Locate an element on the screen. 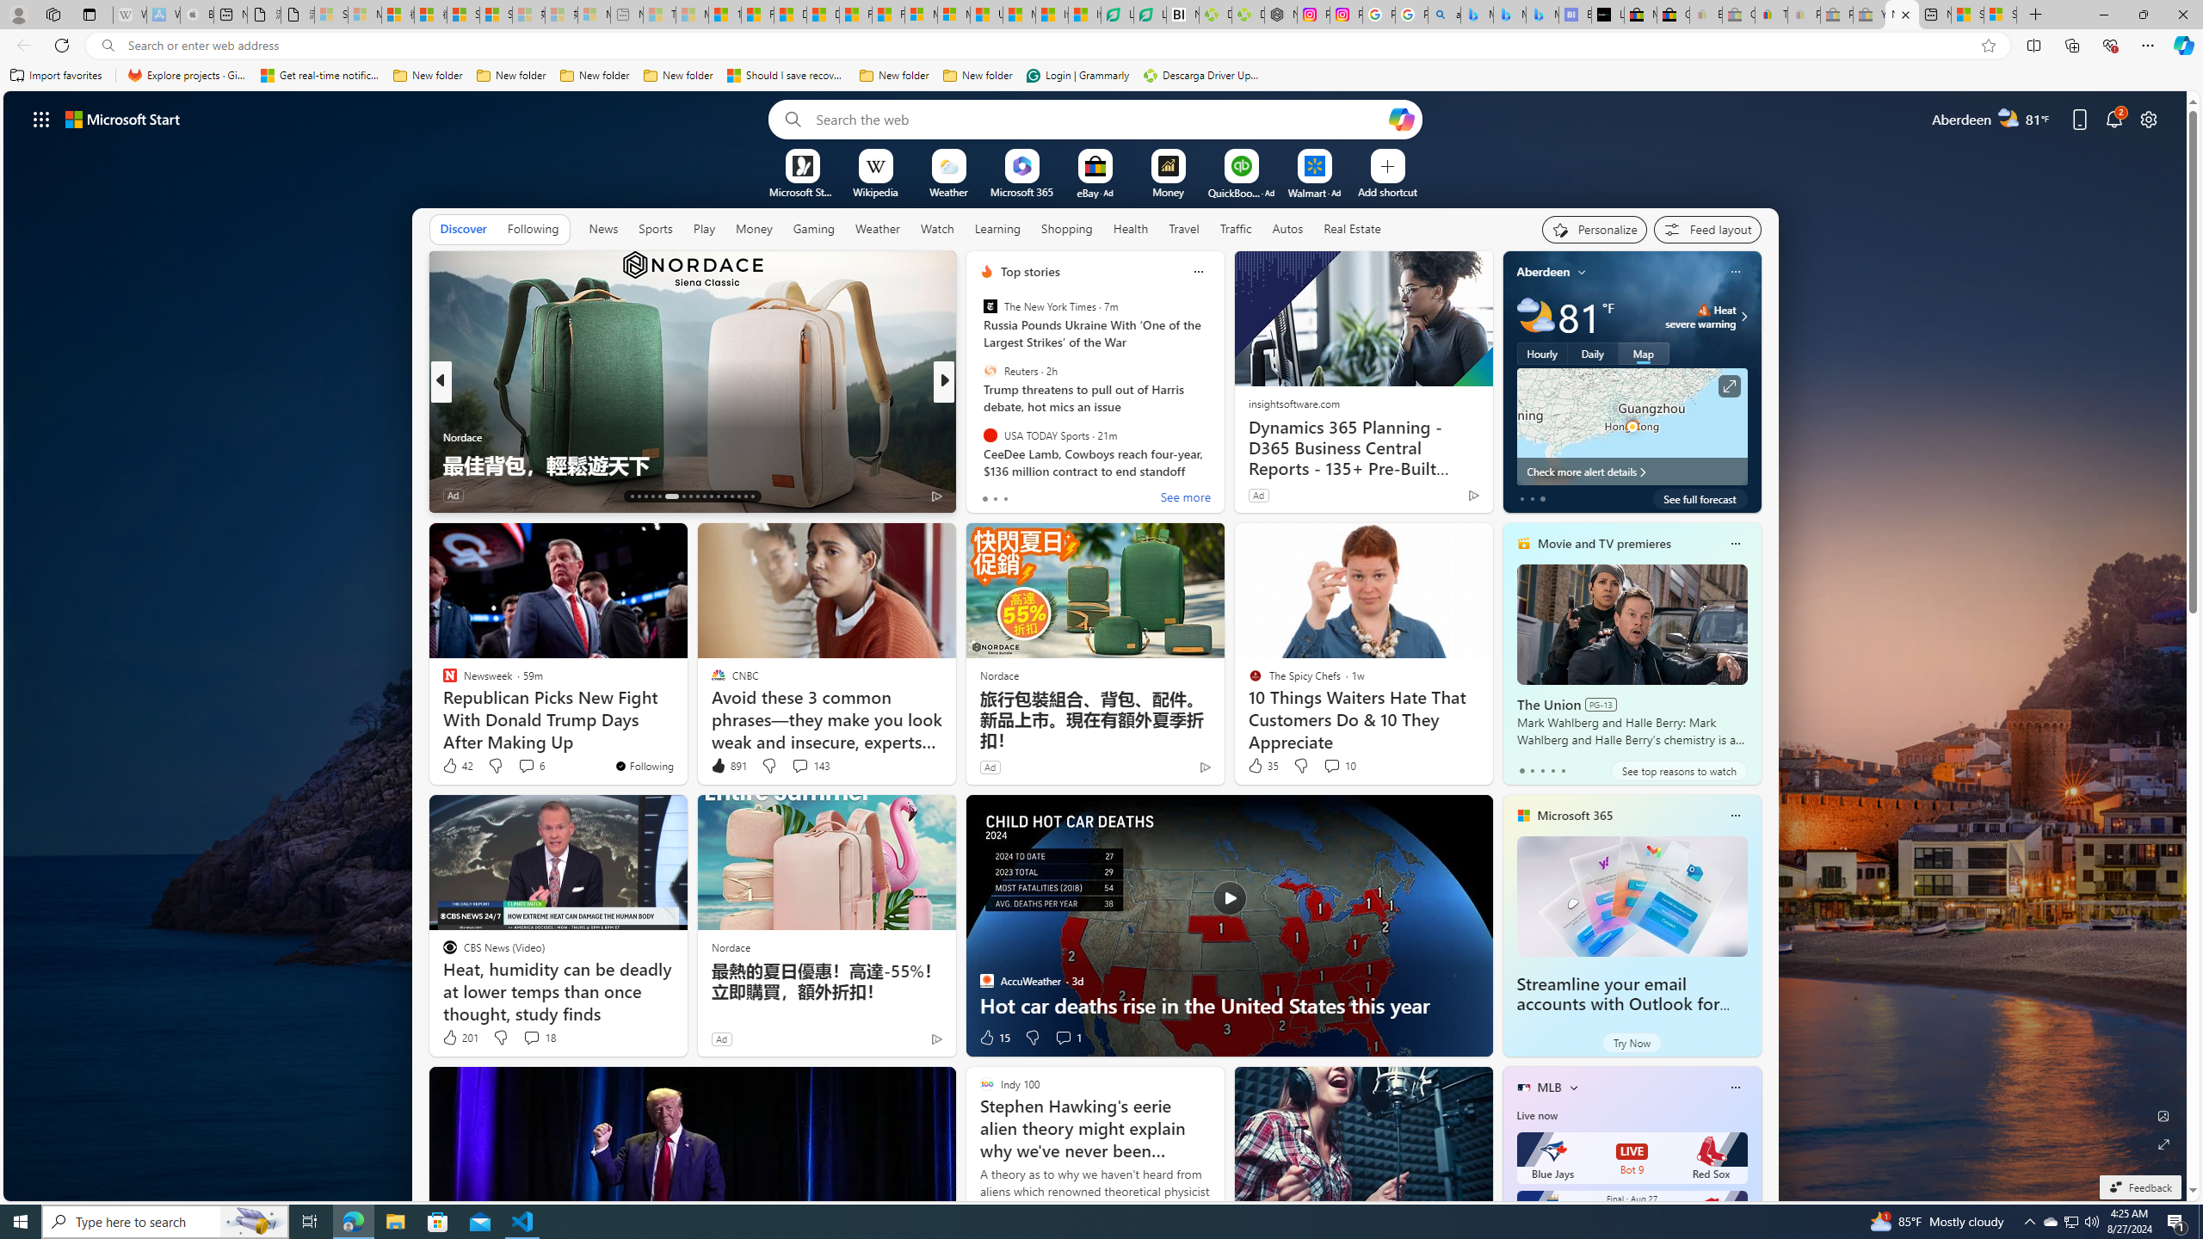  'AutomationID: tab-19' is located at coordinates (683, 496).